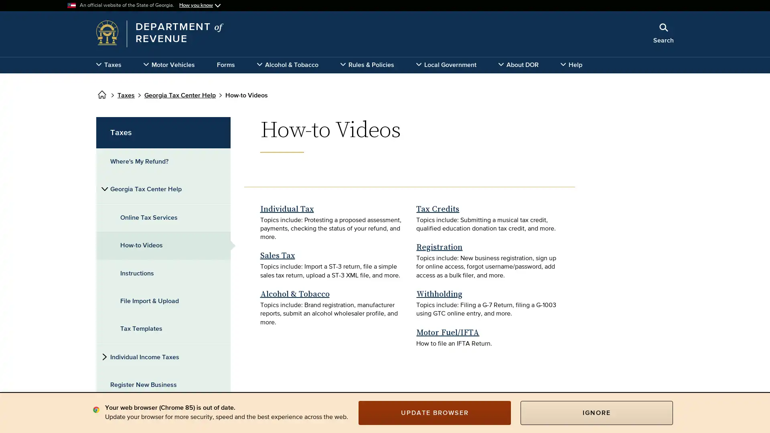  Describe the element at coordinates (631, 113) in the screenshot. I see `Search` at that location.